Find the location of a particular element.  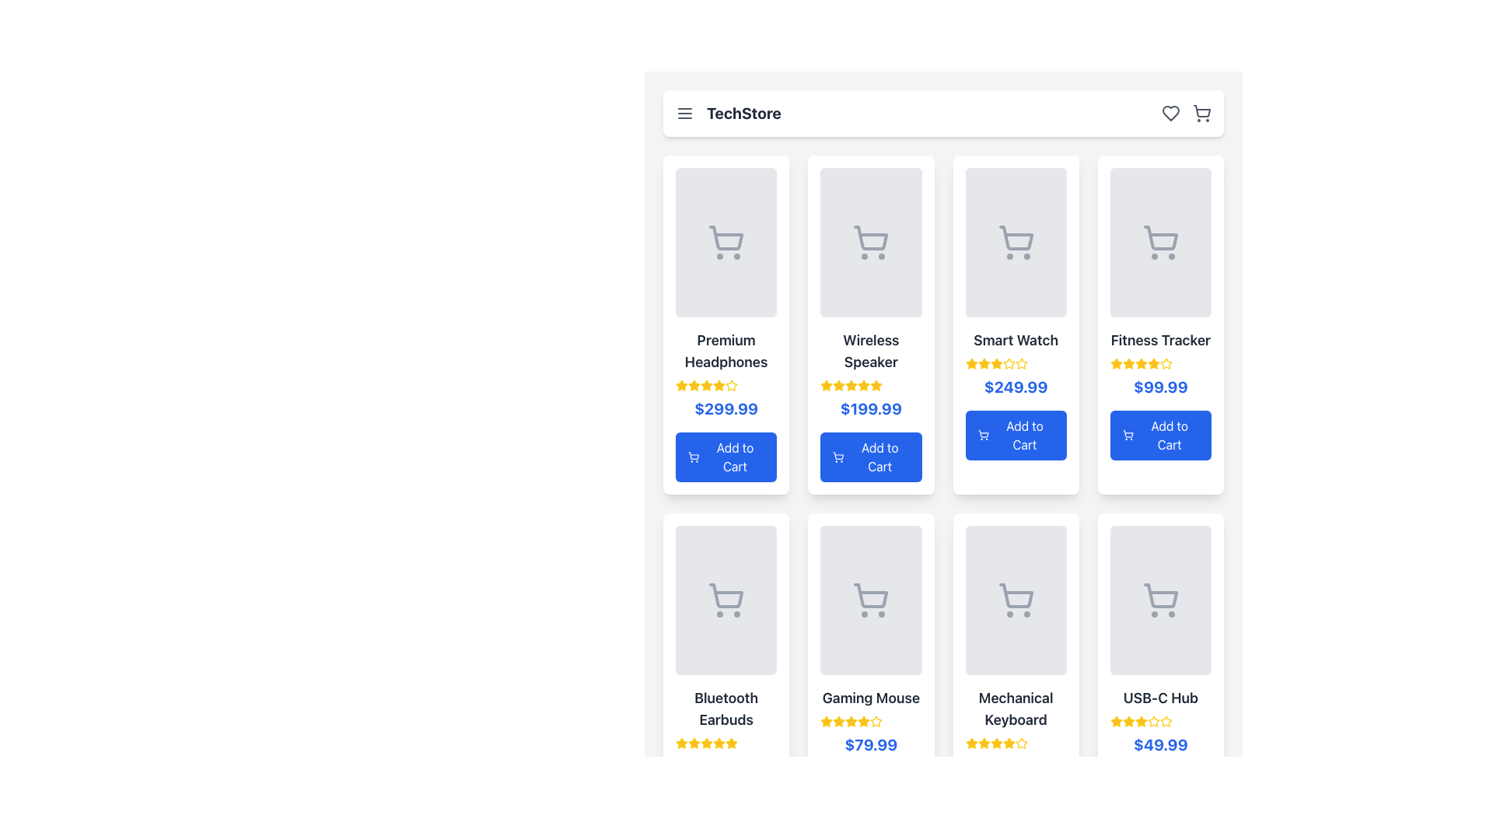

the first yellow star icon in the star rating system located under the product image section of the first product card is located at coordinates (693, 385).